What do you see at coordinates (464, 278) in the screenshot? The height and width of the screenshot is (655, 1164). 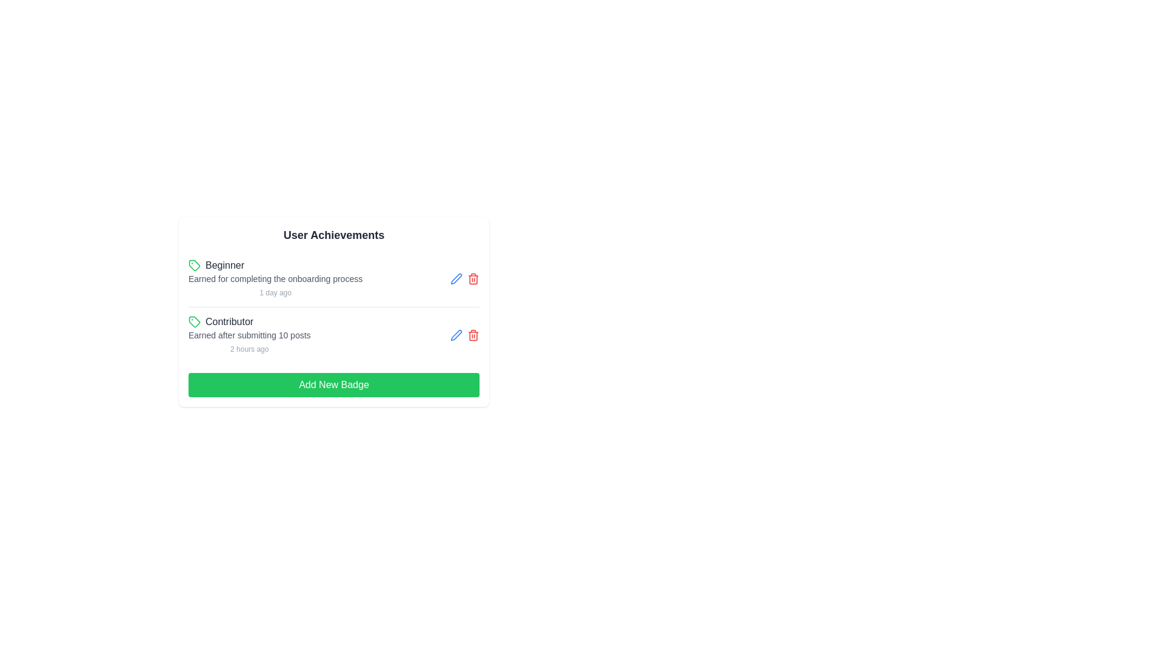 I see `the red trash icon in the group of icon buttons` at bounding box center [464, 278].